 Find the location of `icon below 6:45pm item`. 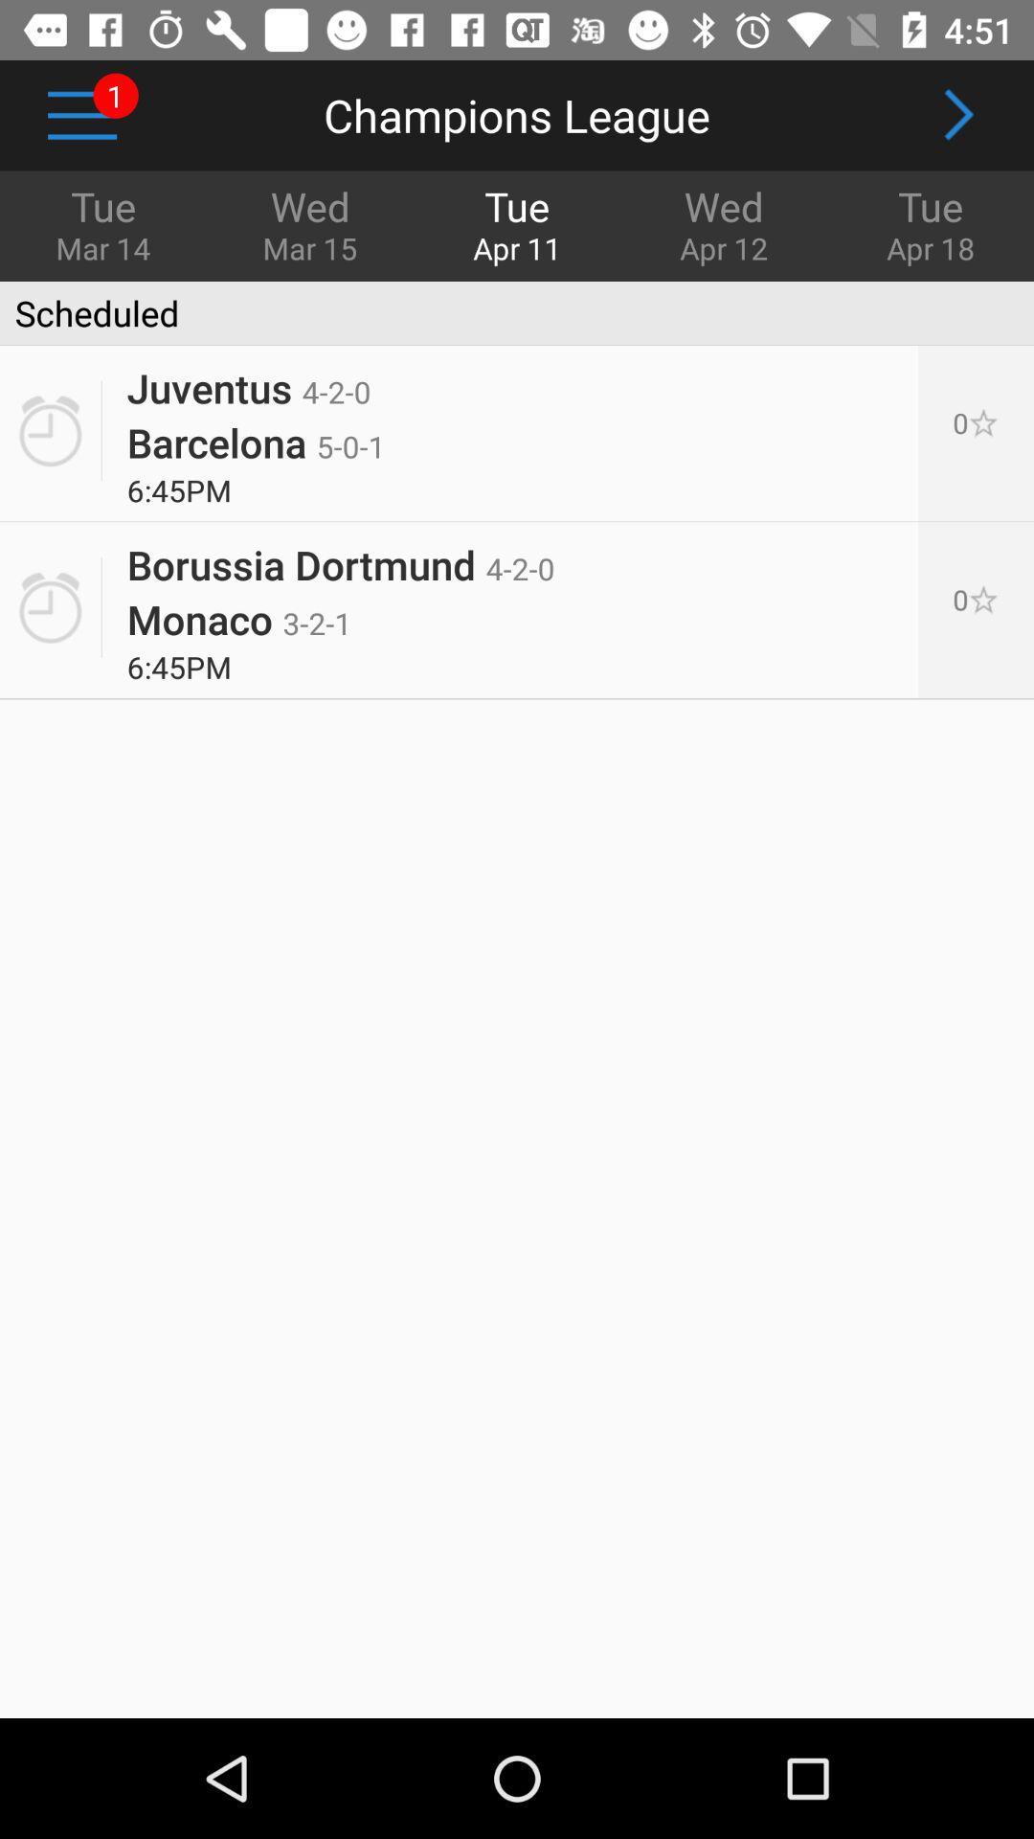

icon below 6:45pm item is located at coordinates (340, 556).